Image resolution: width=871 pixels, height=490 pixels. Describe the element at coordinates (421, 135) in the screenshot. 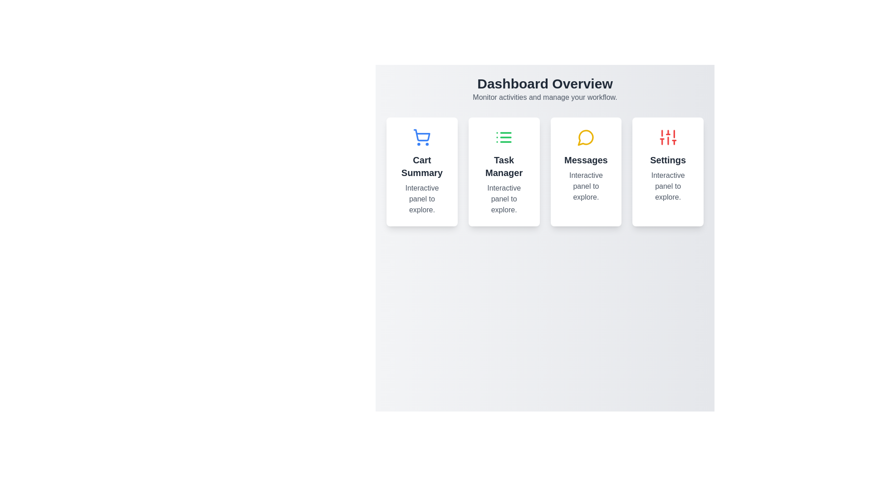

I see `the shopping cart icon in the 'Cart Summary' card` at that location.